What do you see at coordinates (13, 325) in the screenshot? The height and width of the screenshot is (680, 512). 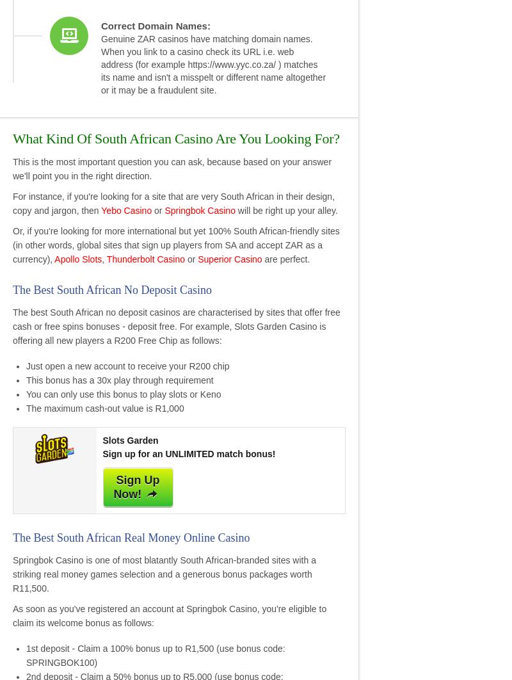 I see `'The best South African no deposit casinos are characterised by sites that offer free cash or free spins bonuses - deposit free. For example, Slots Garden Casino is offering all new players a R200 Free Chip as follows:'` at bounding box center [13, 325].